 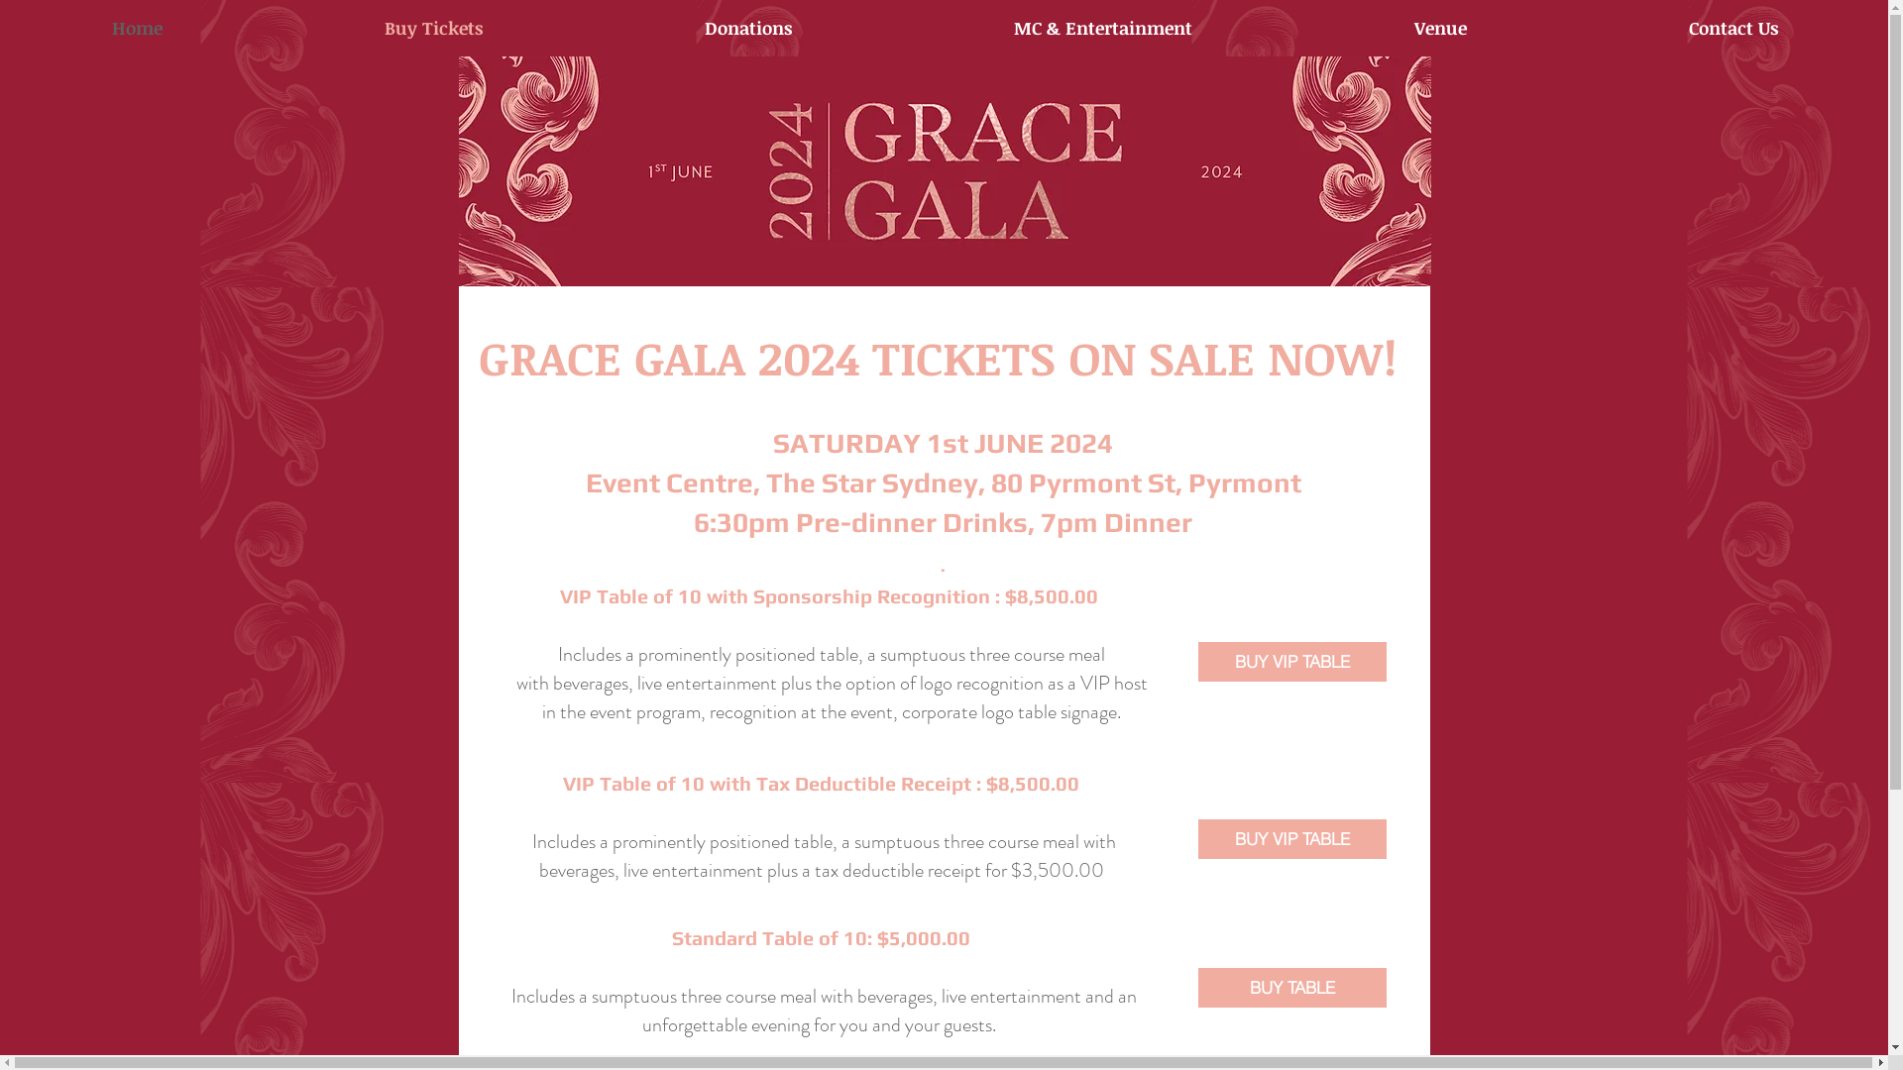 What do you see at coordinates (1196, 661) in the screenshot?
I see `'BUY VIP TABLE'` at bounding box center [1196, 661].